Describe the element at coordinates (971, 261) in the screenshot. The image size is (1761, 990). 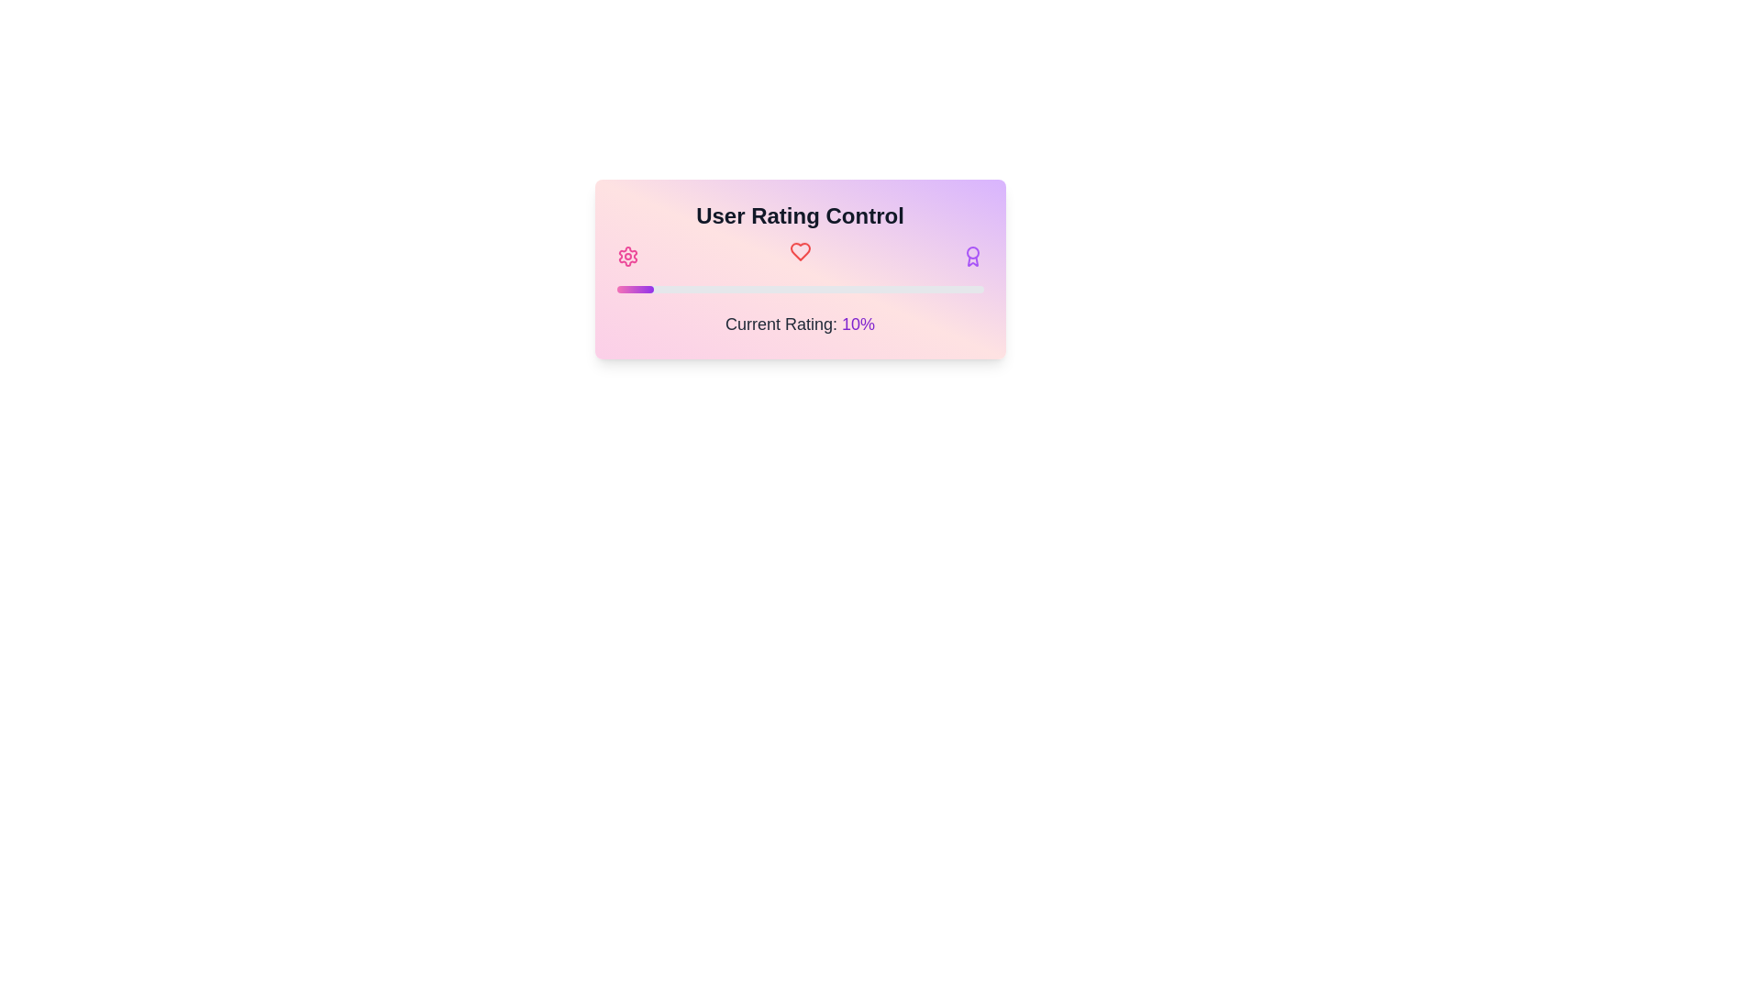
I see `the award ribbon icon component, which is a small graphical element styled with a stroke color matching the text, located on the right-hand side of the main circular element` at that location.